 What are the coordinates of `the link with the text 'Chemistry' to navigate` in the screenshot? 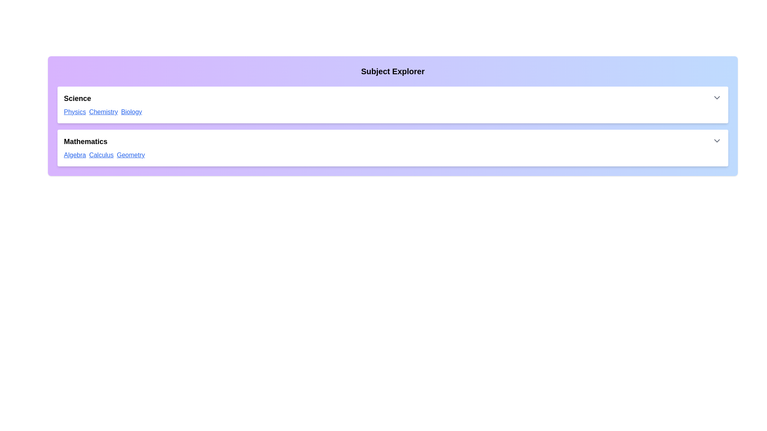 It's located at (103, 112).